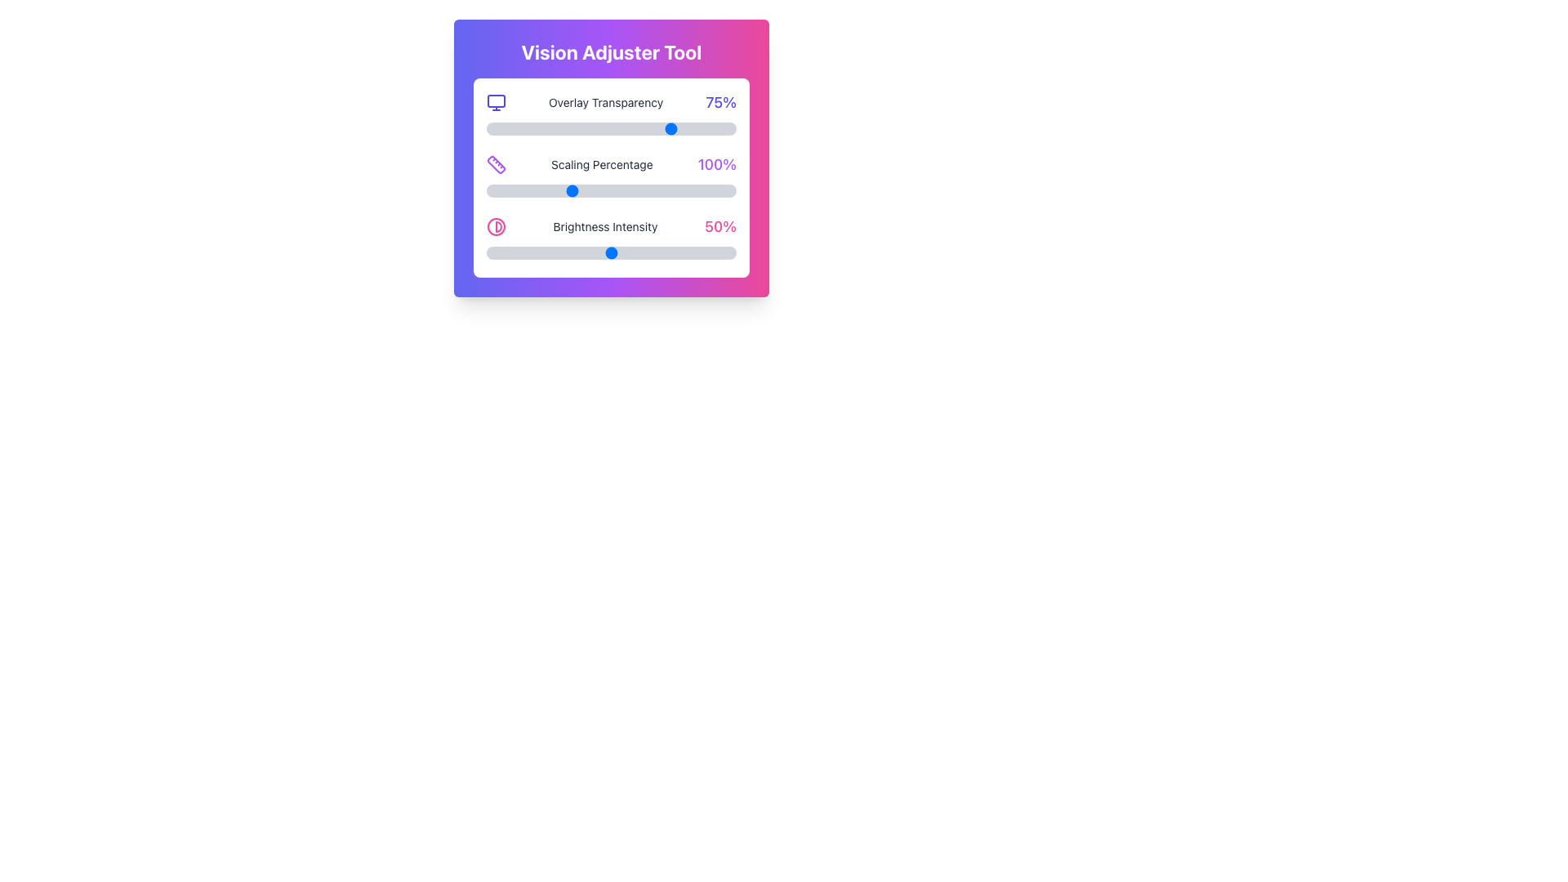 This screenshot has width=1568, height=882. Describe the element at coordinates (610, 164) in the screenshot. I see `the Informational row displaying the scaling percentage in the 'Vision Adjuster Tool' panel, located between 'Overlay Transparency' and 'Brightness Intensity'` at that location.